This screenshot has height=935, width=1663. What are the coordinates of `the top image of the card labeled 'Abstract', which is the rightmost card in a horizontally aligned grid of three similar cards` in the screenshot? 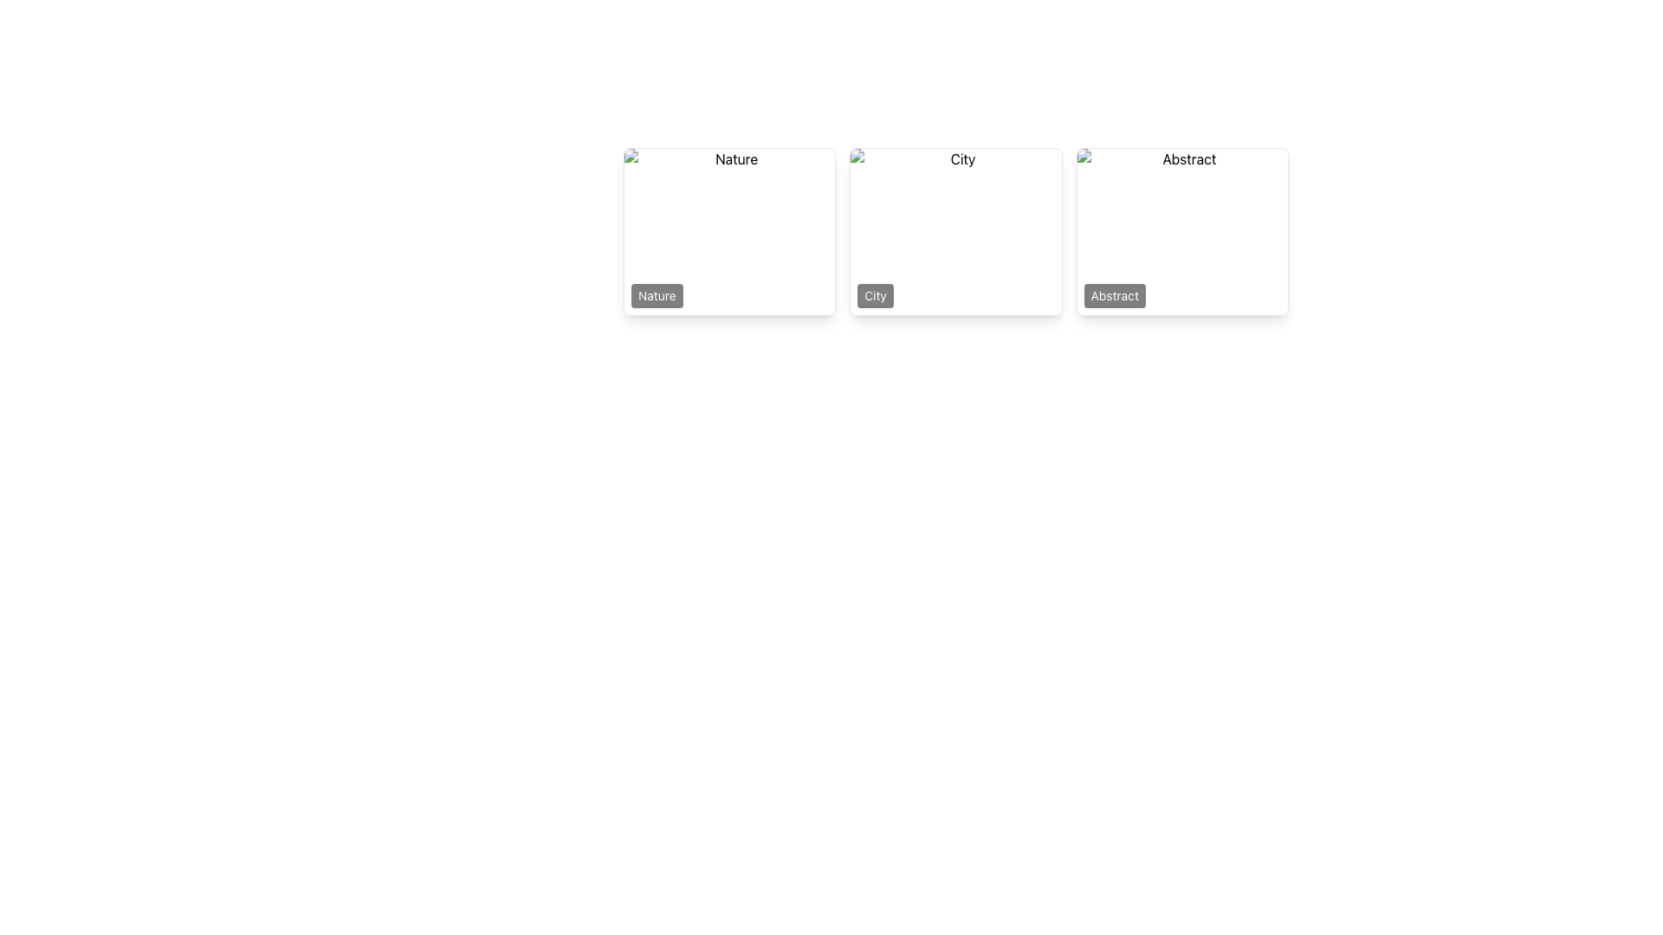 It's located at (1181, 230).